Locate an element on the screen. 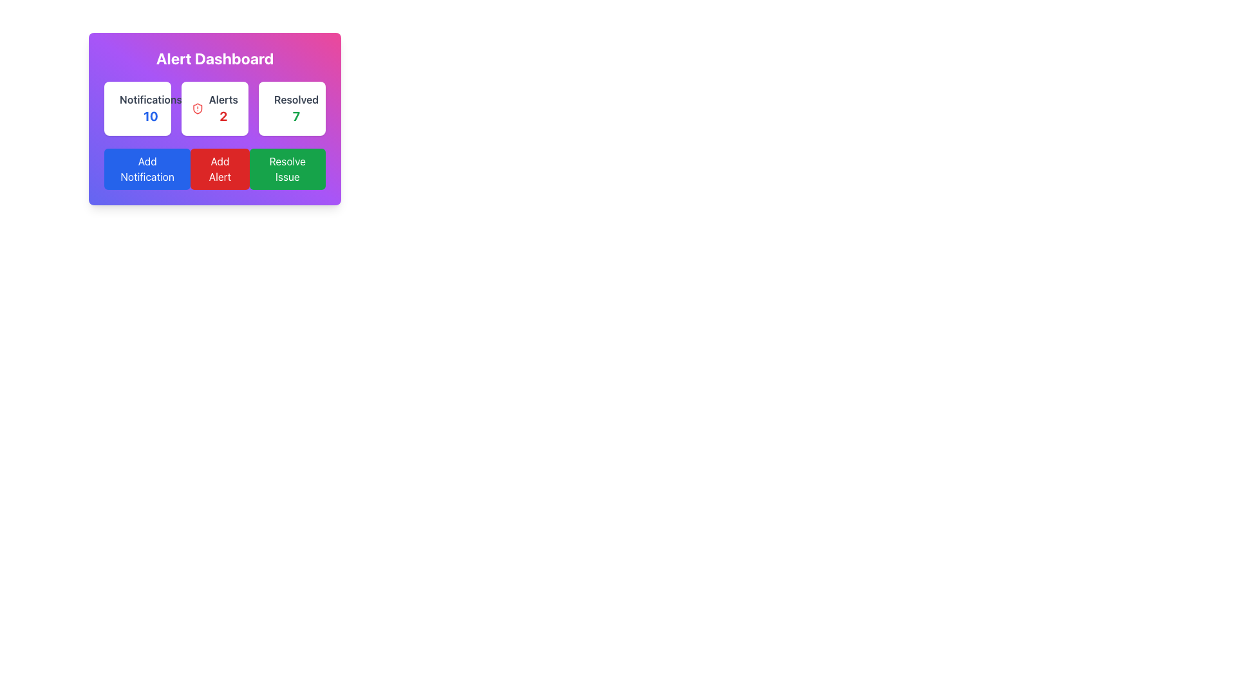 The image size is (1236, 695). the central button for adding an alert in the 'Alert Dashboard', which is located between the 'Add Notification' button and the 'Resolve Issue' button is located at coordinates (220, 168).